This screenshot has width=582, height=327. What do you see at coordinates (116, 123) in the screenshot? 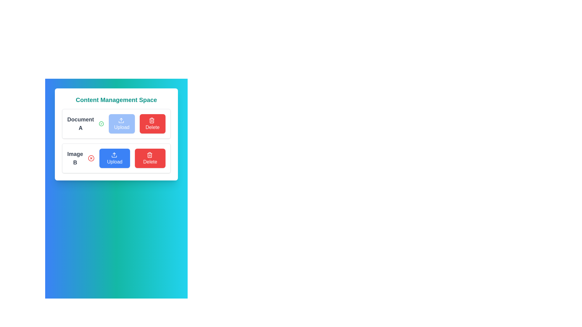
I see `the 'Upload' button with a blue background and white text, located to the right of the label 'Document A'` at bounding box center [116, 123].